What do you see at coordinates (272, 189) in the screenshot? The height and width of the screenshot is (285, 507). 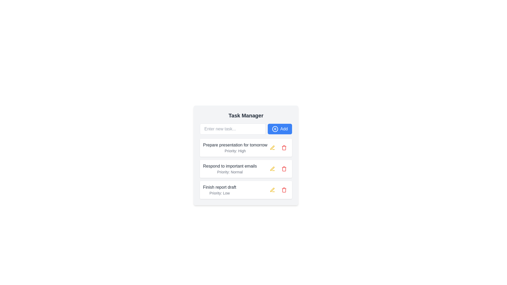 I see `the small yellow pen icon located within the Task Manager interface, which is positioned to the left of the red trash can icon` at bounding box center [272, 189].